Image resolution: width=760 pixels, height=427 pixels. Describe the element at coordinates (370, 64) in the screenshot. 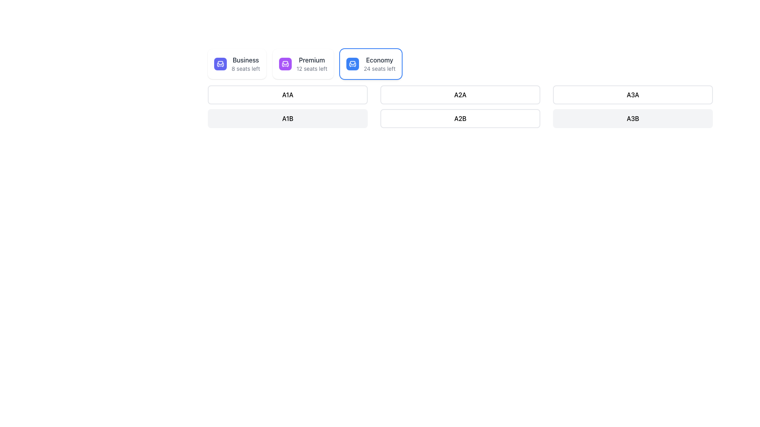

I see `the 'Economy' class seating option button` at that location.